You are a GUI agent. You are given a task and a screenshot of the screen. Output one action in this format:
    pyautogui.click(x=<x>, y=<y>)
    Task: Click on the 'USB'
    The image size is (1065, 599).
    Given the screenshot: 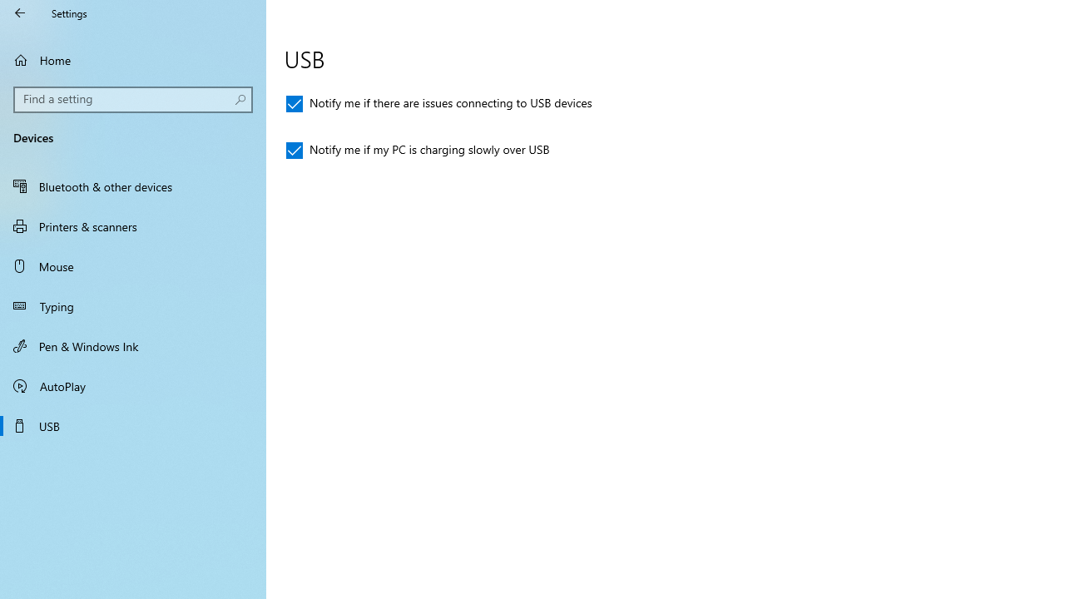 What is the action you would take?
    pyautogui.click(x=133, y=424)
    